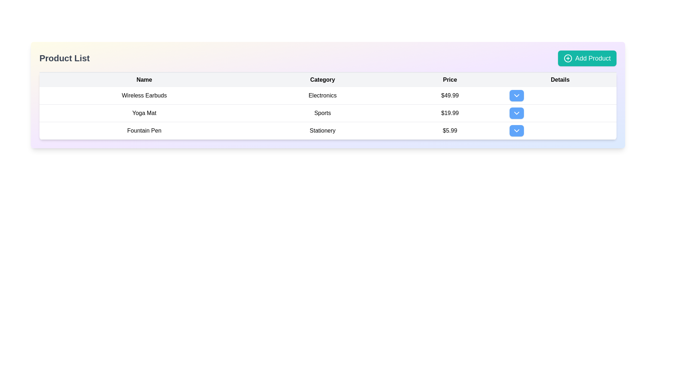 The height and width of the screenshot is (387, 689). What do you see at coordinates (144, 80) in the screenshot?
I see `the Table Header Cell displaying 'Name' in bold font, which is the first column of the horizontal table header row` at bounding box center [144, 80].